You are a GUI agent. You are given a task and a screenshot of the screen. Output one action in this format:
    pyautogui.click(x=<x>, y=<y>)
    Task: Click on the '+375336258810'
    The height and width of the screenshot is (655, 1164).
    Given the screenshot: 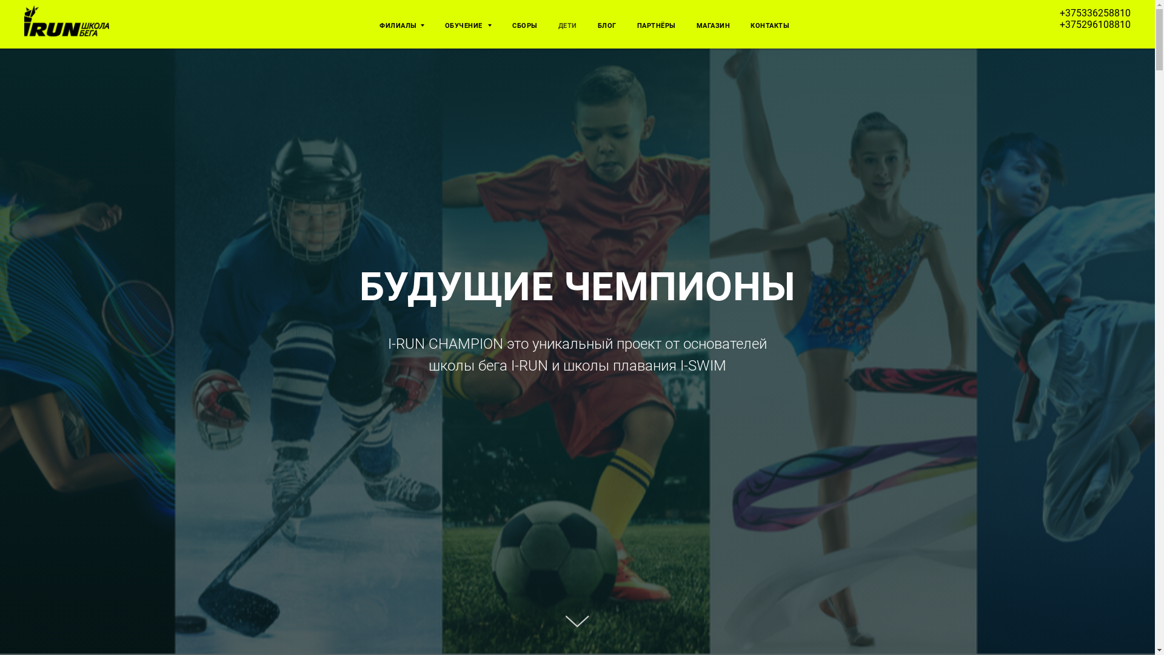 What is the action you would take?
    pyautogui.click(x=1095, y=13)
    